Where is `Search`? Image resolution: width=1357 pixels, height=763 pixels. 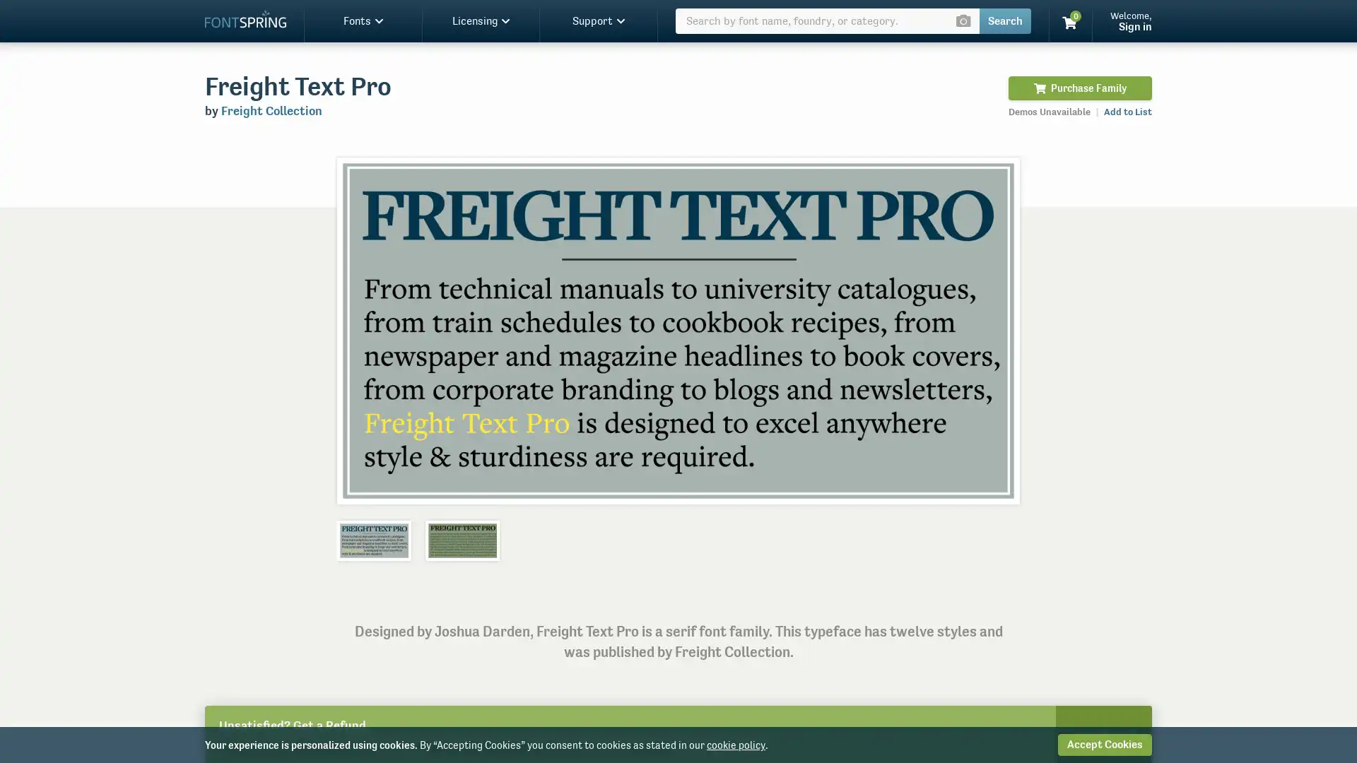 Search is located at coordinates (1004, 21).